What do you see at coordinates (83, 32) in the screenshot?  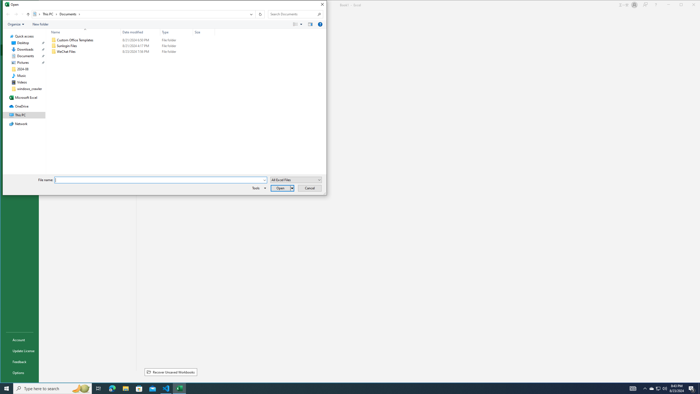 I see `'Name'` at bounding box center [83, 32].